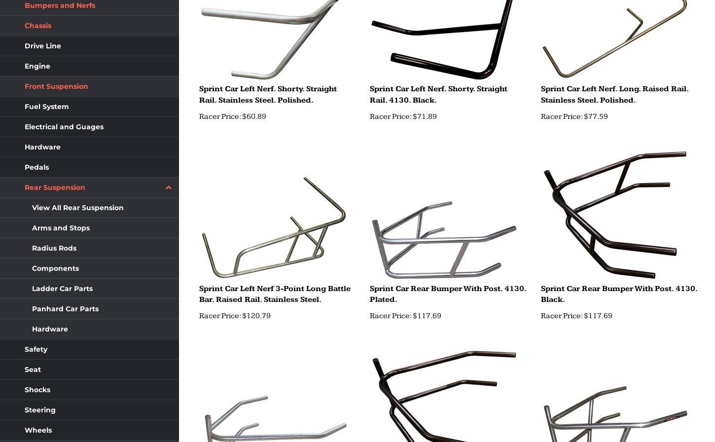  I want to click on 'Sprint Car Left Nerf. Long. Raised Rail.  Stainless Steel.  Polished.', so click(614, 94).